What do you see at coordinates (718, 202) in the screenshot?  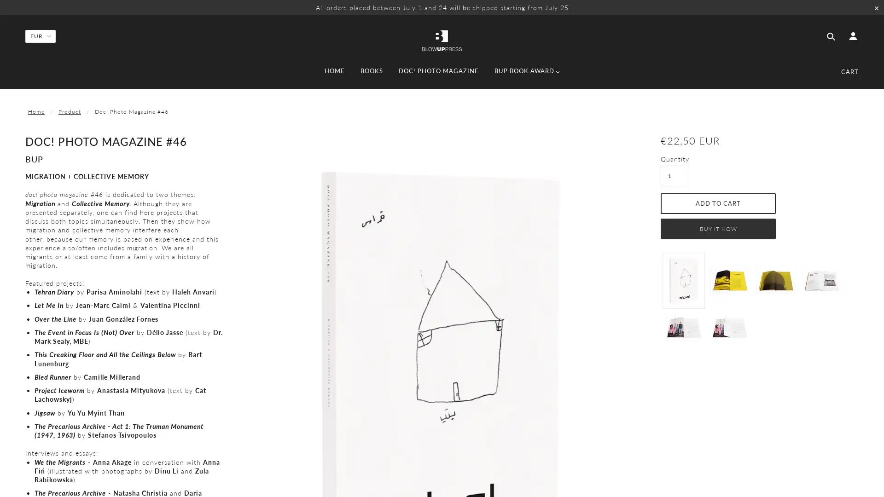 I see `Add to Cart` at bounding box center [718, 202].